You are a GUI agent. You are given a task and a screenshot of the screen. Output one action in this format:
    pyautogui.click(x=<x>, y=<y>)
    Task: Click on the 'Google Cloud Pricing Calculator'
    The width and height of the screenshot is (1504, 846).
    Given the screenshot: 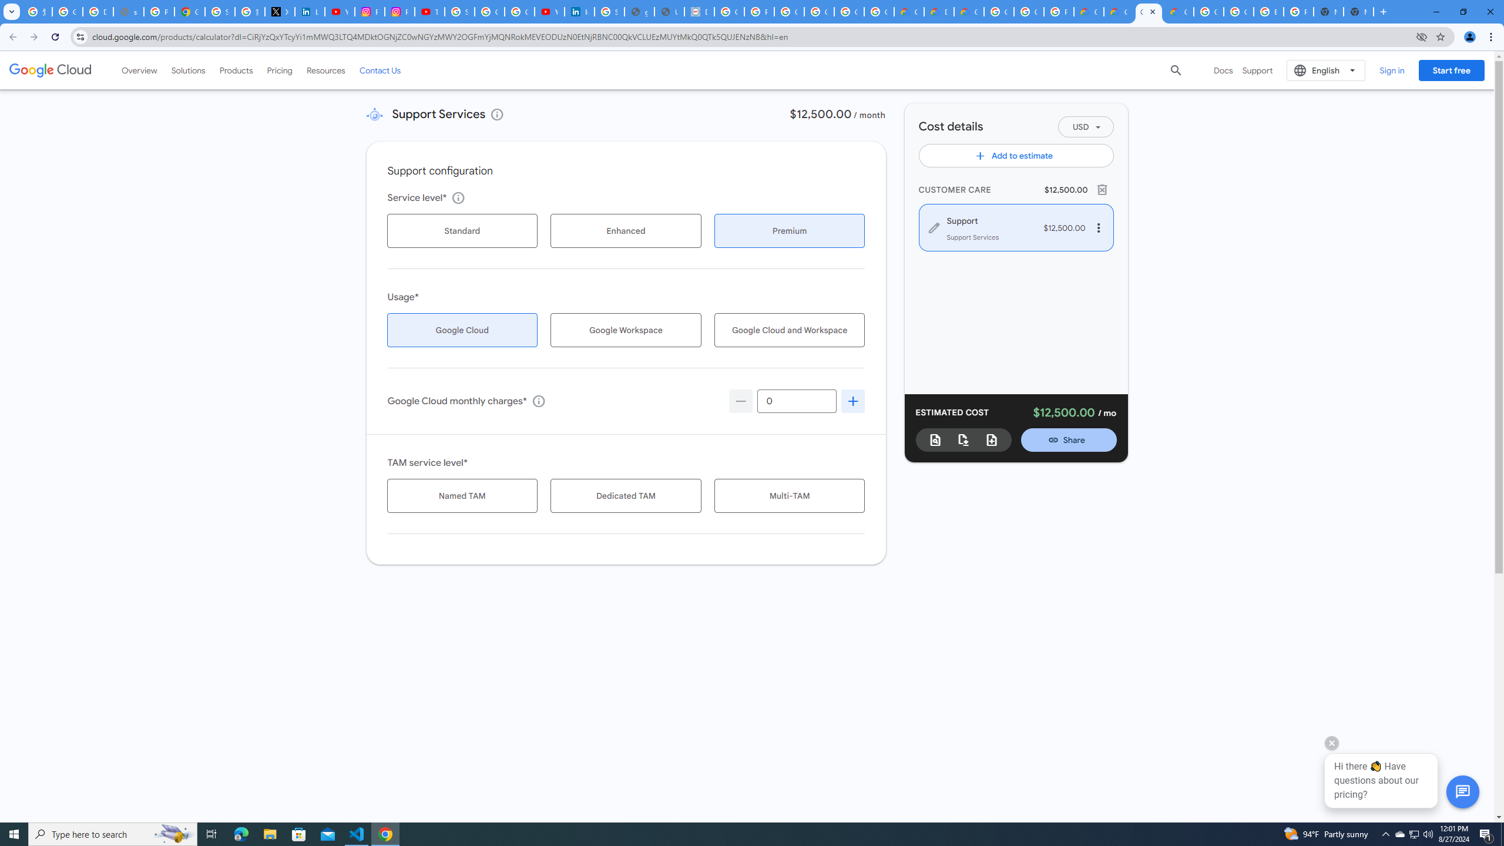 What is the action you would take?
    pyautogui.click(x=1118, y=11)
    